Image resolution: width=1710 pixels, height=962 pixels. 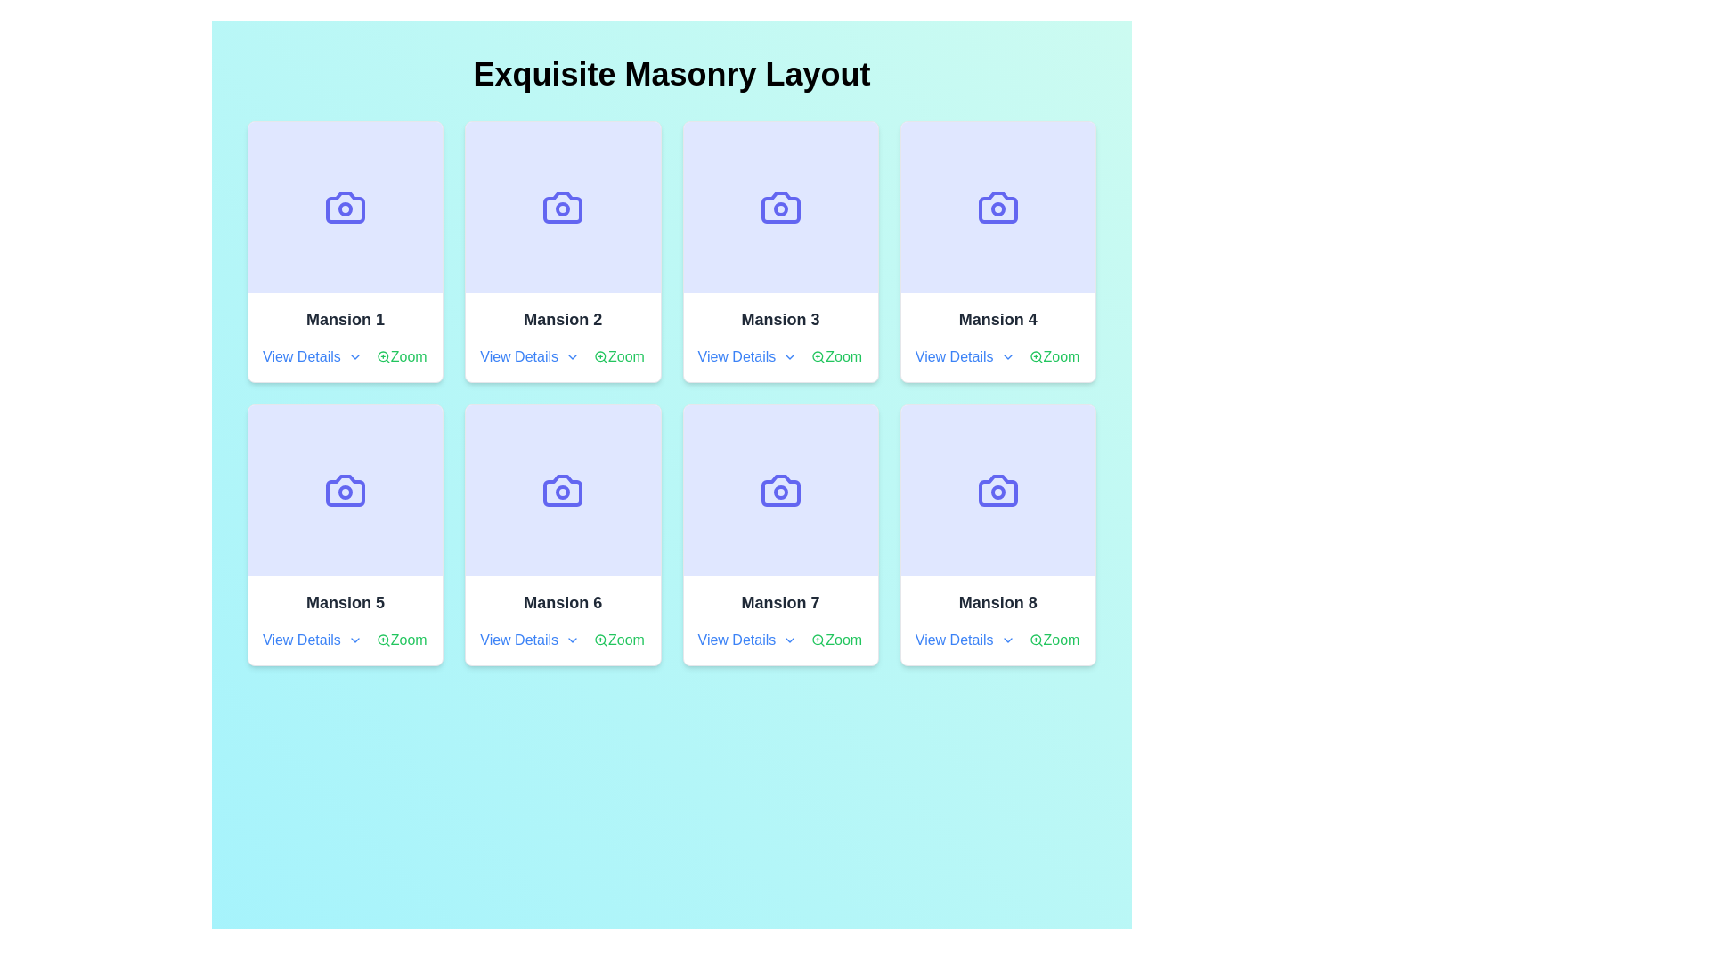 What do you see at coordinates (562, 206) in the screenshot?
I see `the violet/purple camera icon located in the second card of the grid layout titled 'Exquisite Masonry Layout'` at bounding box center [562, 206].